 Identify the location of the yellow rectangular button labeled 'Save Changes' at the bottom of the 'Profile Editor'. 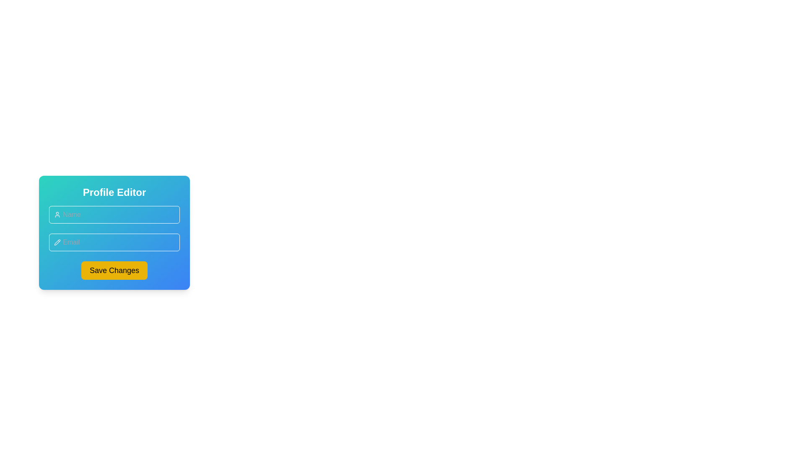
(114, 270).